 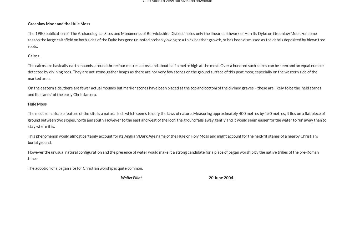 What do you see at coordinates (37, 104) in the screenshot?
I see `'Hule Moss'` at bounding box center [37, 104].